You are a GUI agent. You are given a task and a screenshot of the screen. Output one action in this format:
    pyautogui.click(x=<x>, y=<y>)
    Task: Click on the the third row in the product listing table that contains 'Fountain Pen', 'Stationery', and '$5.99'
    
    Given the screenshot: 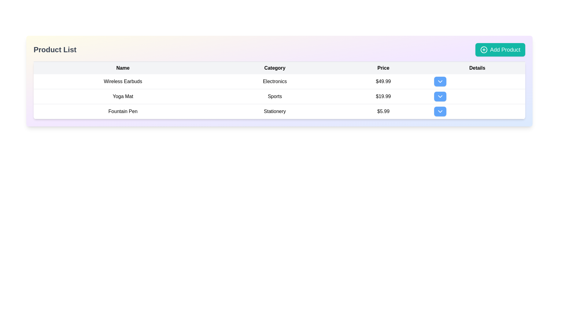 What is the action you would take?
    pyautogui.click(x=279, y=112)
    